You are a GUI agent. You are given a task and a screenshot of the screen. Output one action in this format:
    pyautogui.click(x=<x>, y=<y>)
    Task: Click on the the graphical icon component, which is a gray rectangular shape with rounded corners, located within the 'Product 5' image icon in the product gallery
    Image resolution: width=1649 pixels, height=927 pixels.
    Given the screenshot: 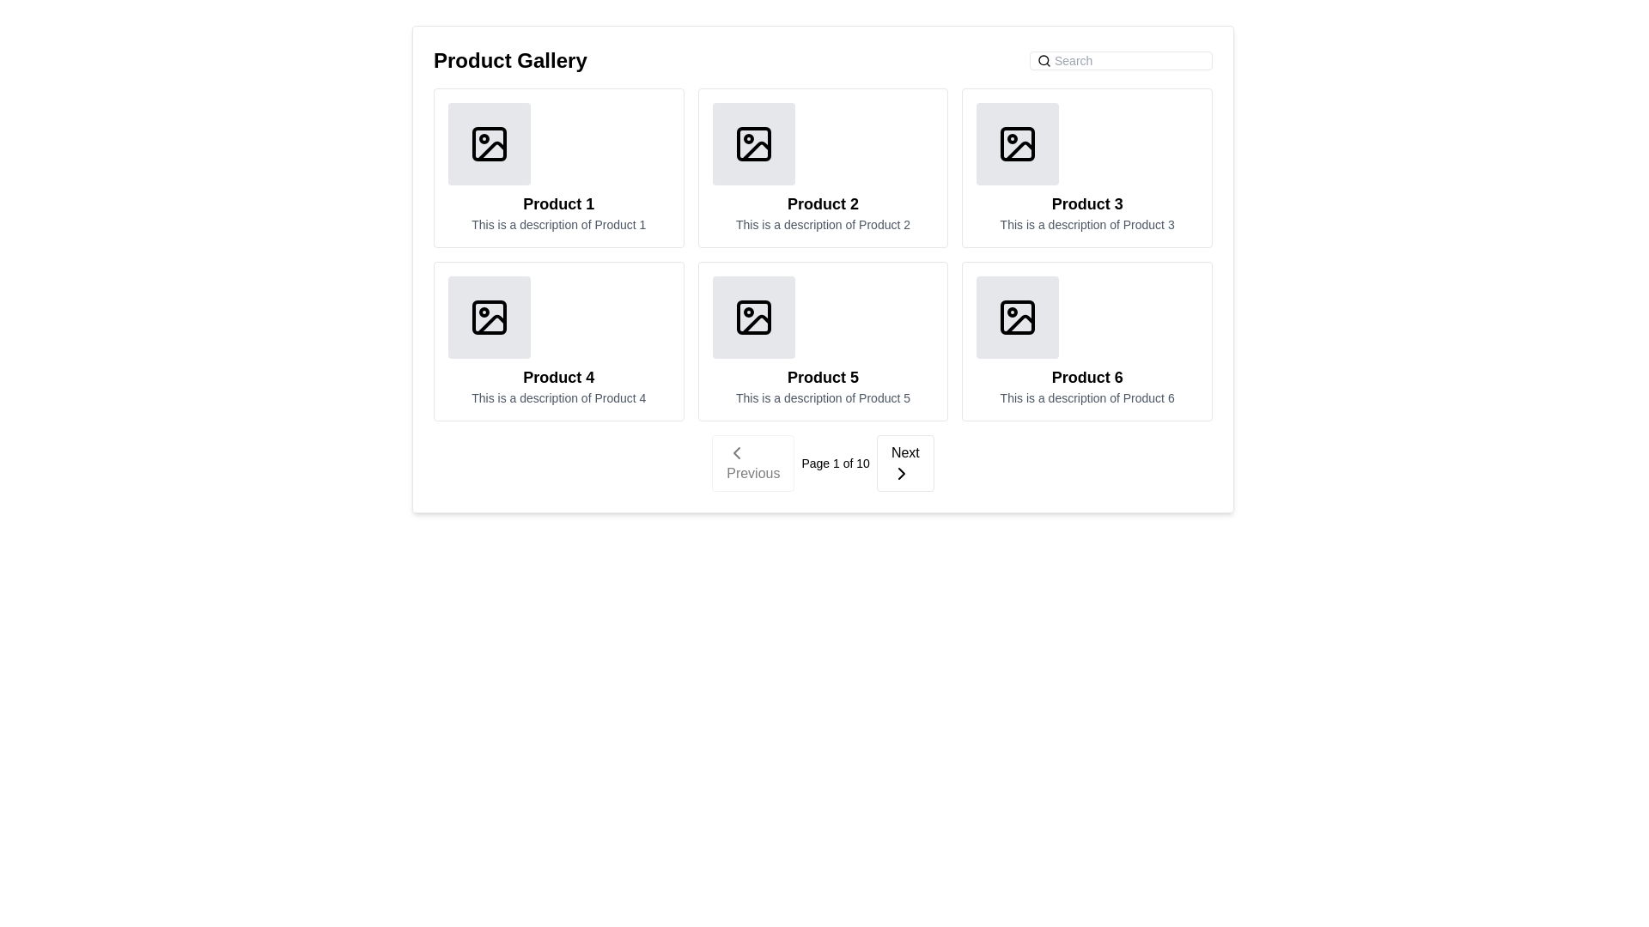 What is the action you would take?
    pyautogui.click(x=753, y=318)
    